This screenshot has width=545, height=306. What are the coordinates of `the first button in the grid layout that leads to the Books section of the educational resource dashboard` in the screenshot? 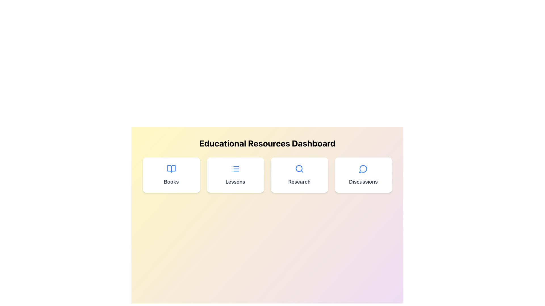 It's located at (171, 175).